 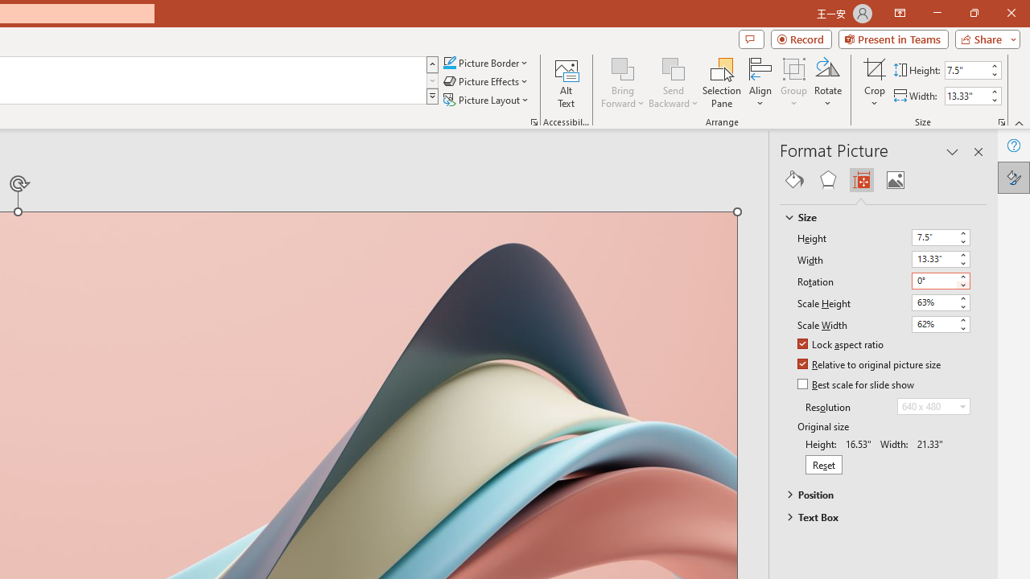 I want to click on 'Size & Properties', so click(x=860, y=179).